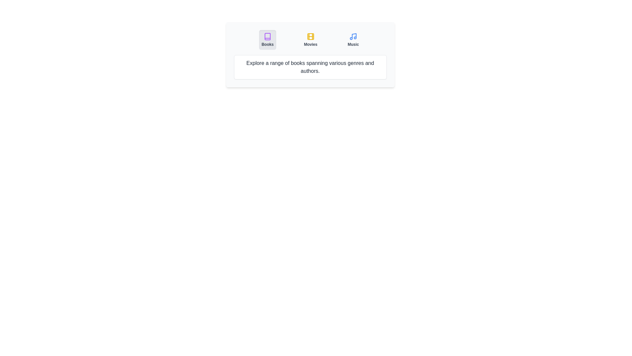 This screenshot has width=632, height=356. What do you see at coordinates (267, 40) in the screenshot?
I see `the Books tab to switch to its content` at bounding box center [267, 40].